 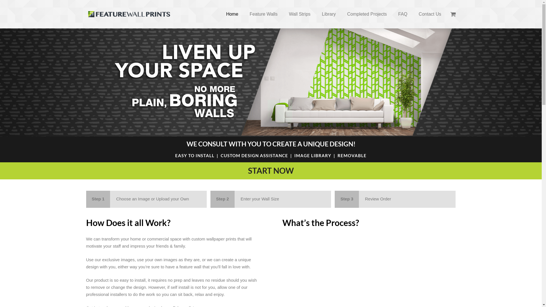 I want to click on 'Wall Strips', so click(x=299, y=14).